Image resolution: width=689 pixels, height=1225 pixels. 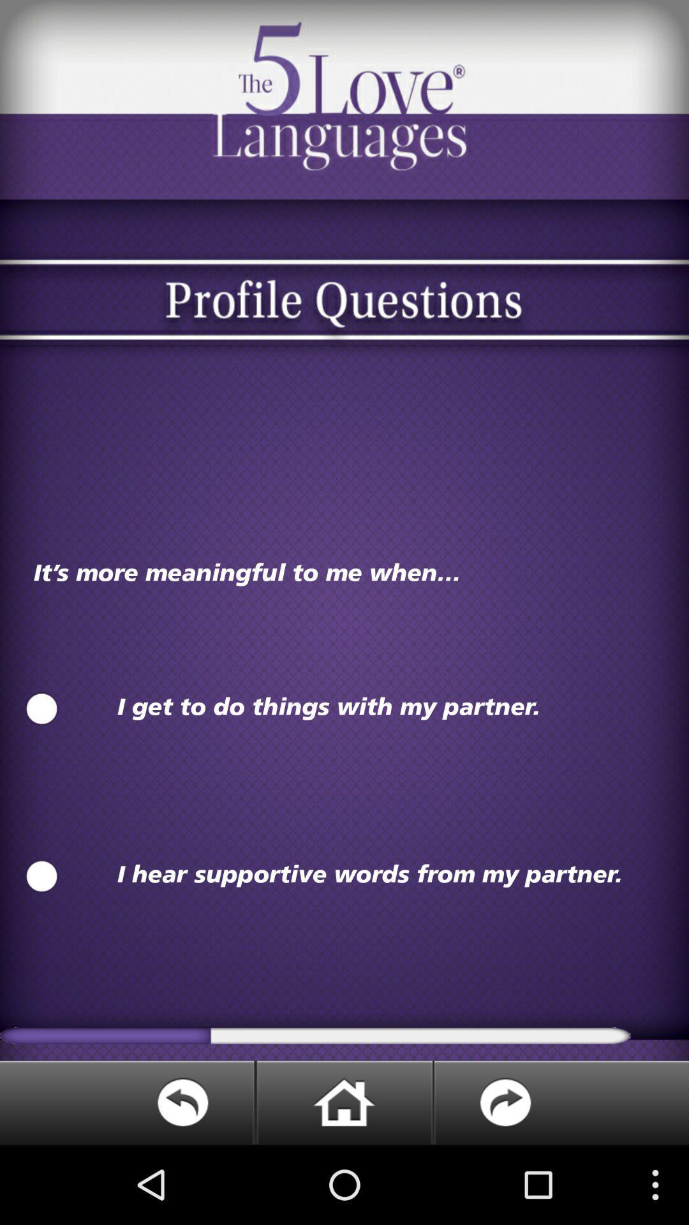 What do you see at coordinates (41, 708) in the screenshot?
I see `radio u button` at bounding box center [41, 708].